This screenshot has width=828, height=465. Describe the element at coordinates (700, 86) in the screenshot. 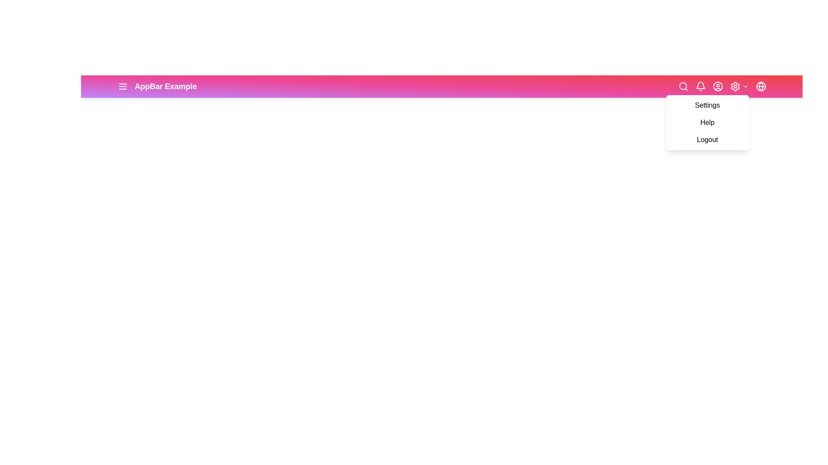

I see `the notifications button` at that location.